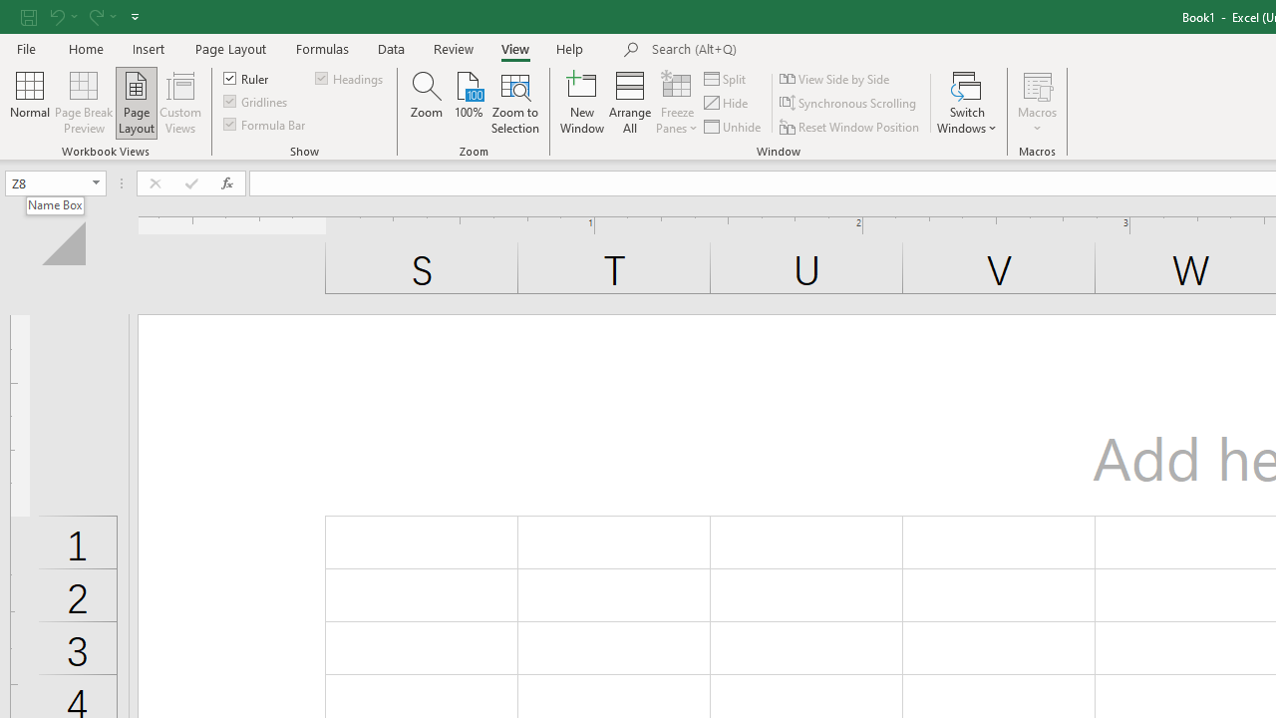 Image resolution: width=1276 pixels, height=718 pixels. What do you see at coordinates (351, 77) in the screenshot?
I see `'Headings'` at bounding box center [351, 77].